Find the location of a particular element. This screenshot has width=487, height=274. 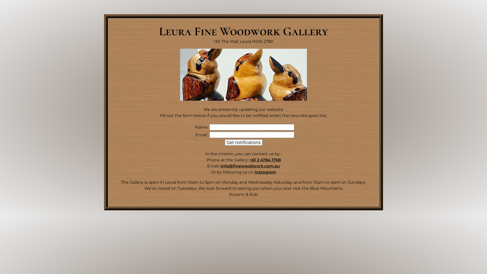

'info@finewoodwork.com.au' is located at coordinates (220, 166).